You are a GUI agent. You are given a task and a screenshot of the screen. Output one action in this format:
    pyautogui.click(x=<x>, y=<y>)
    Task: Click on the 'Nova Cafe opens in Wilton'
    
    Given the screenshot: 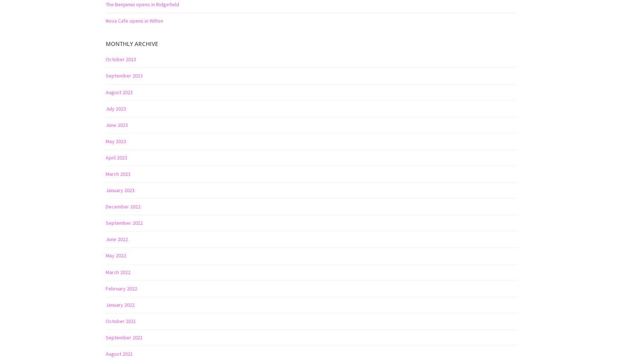 What is the action you would take?
    pyautogui.click(x=134, y=21)
    